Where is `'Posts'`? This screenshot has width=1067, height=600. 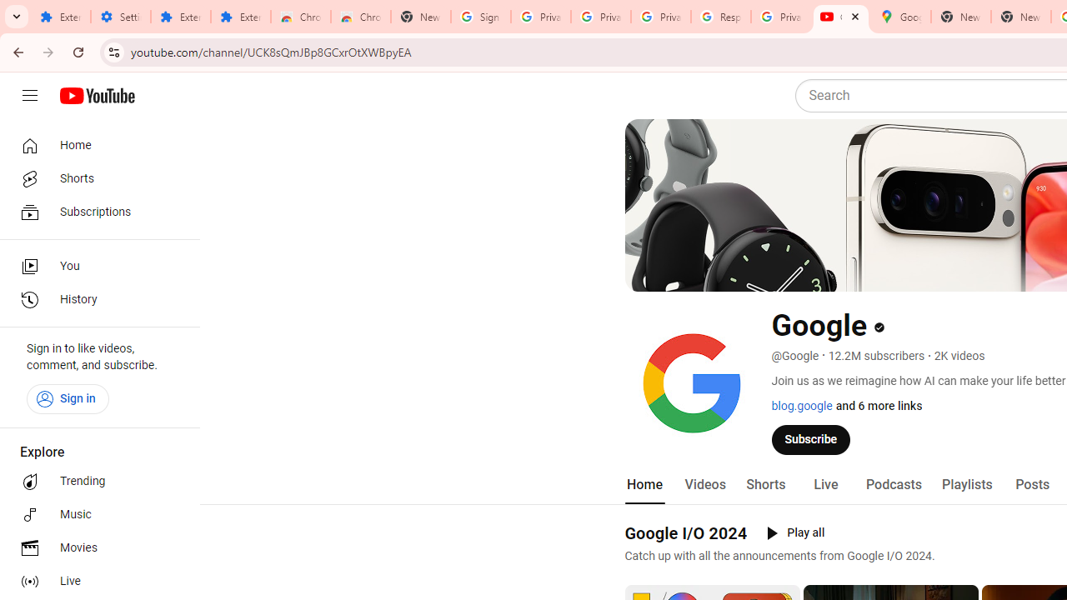
'Posts' is located at coordinates (1031, 484).